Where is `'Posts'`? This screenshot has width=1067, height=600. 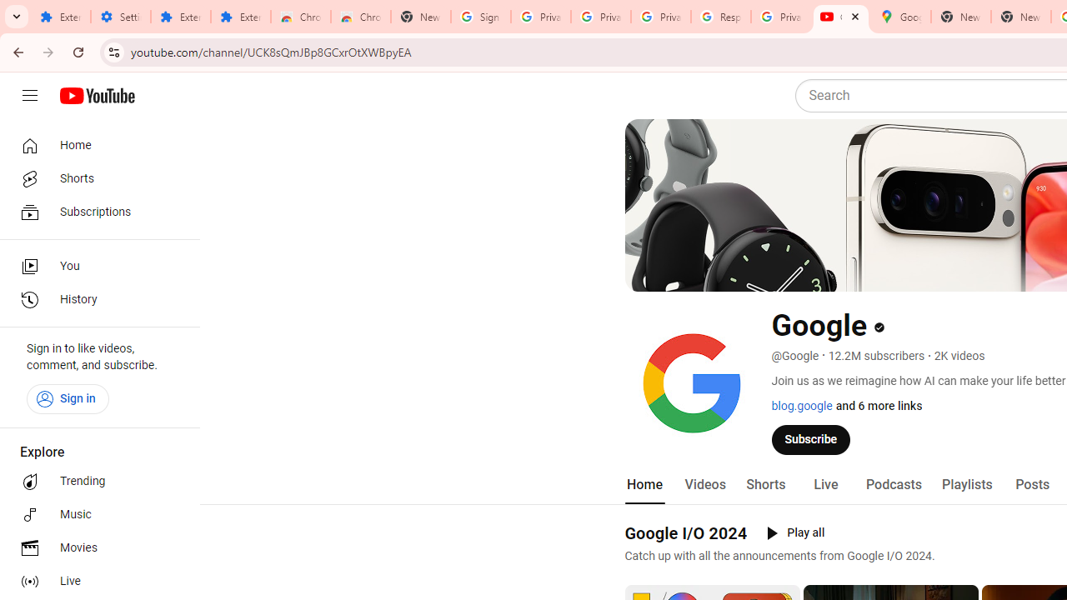
'Posts' is located at coordinates (1031, 484).